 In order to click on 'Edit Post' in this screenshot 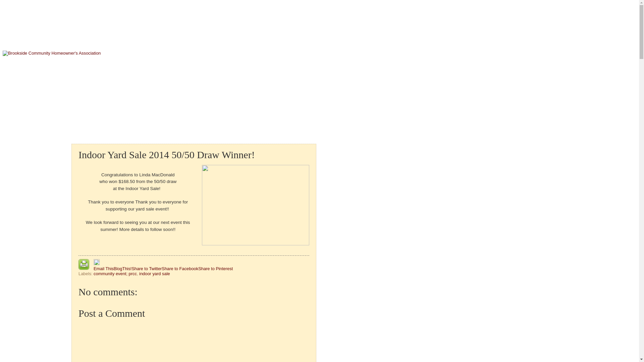, I will do `click(96, 263)`.